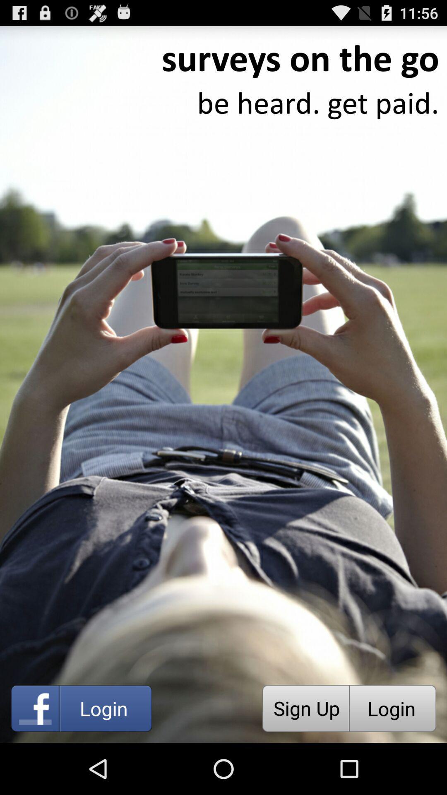  I want to click on the item next to login button, so click(305, 708).